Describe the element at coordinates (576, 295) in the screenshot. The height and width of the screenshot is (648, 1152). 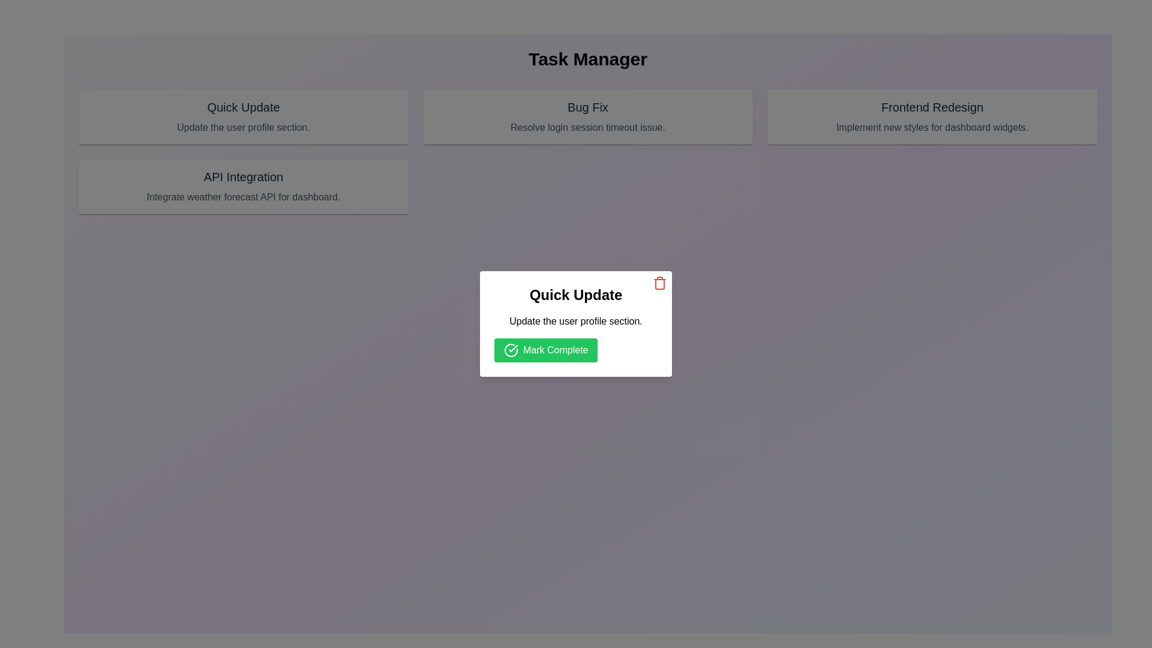
I see `the title text label 'Quick Update', which is located at the top center of the dialog box, above a smaller descriptive text and a green button labeled 'Mark Complete'` at that location.